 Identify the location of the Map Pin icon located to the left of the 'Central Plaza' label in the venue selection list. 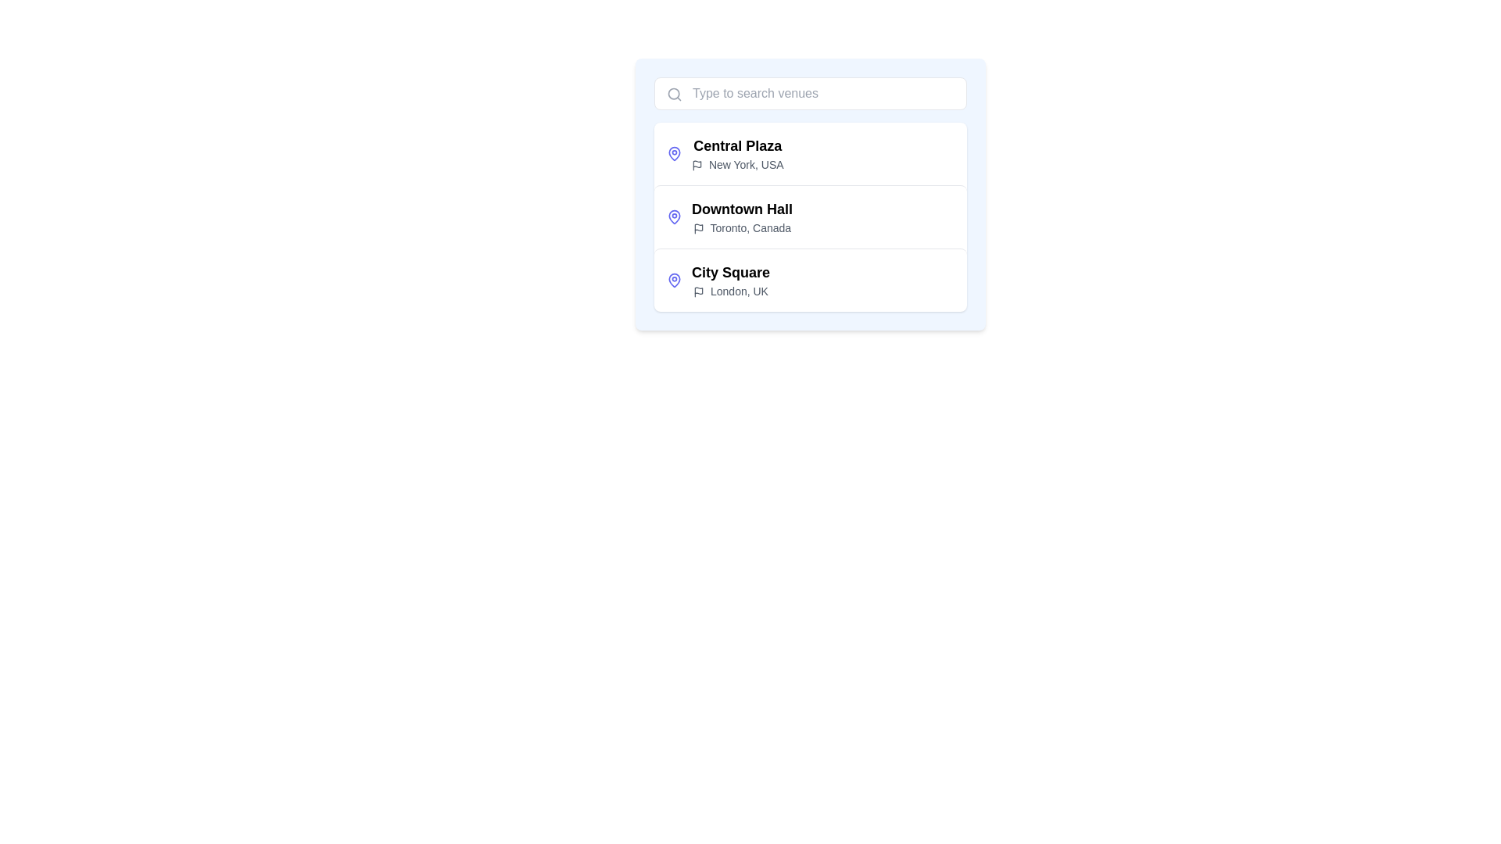
(675, 153).